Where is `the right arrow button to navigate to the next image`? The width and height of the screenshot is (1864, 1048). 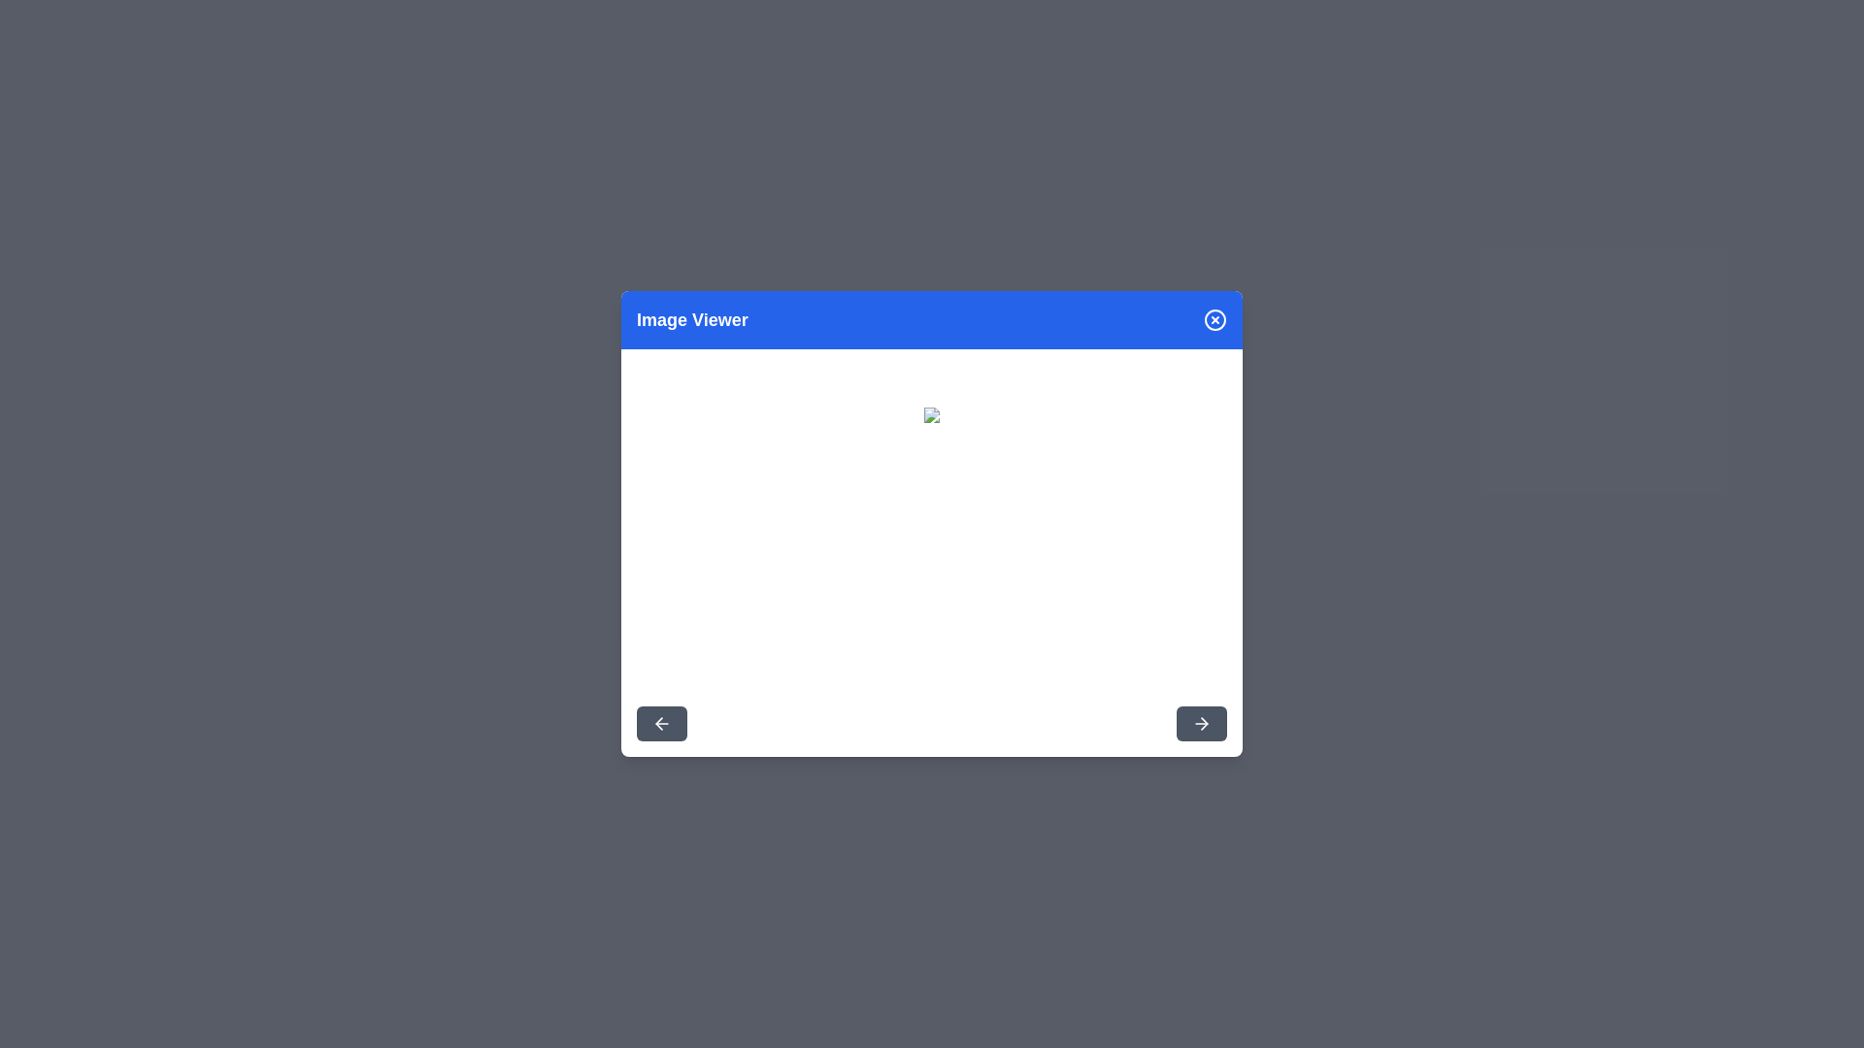 the right arrow button to navigate to the next image is located at coordinates (1201, 723).